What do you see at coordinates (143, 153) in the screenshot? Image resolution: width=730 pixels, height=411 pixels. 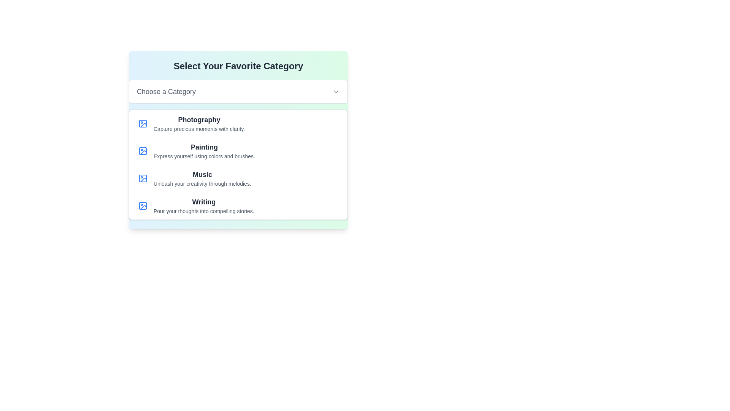 I see `graphical icon representing 'Painting', located to the left of the text in the second row of the item list` at bounding box center [143, 153].